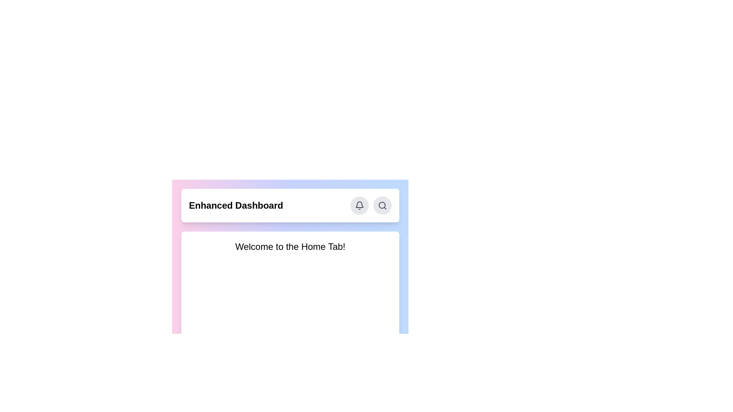  What do you see at coordinates (383, 205) in the screenshot?
I see `the search icon button located in the upper right of the dashboard header section to trigger a visual change indicating interaction` at bounding box center [383, 205].